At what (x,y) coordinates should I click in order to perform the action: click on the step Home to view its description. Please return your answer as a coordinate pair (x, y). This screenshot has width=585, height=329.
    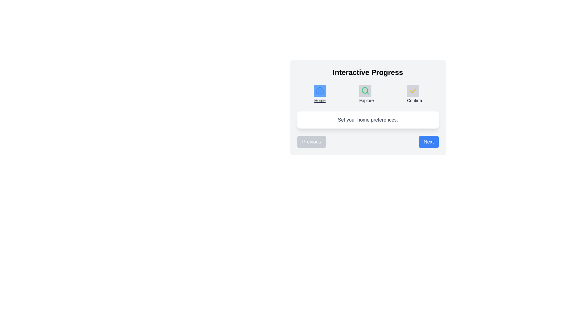
    Looking at the image, I should click on (320, 94).